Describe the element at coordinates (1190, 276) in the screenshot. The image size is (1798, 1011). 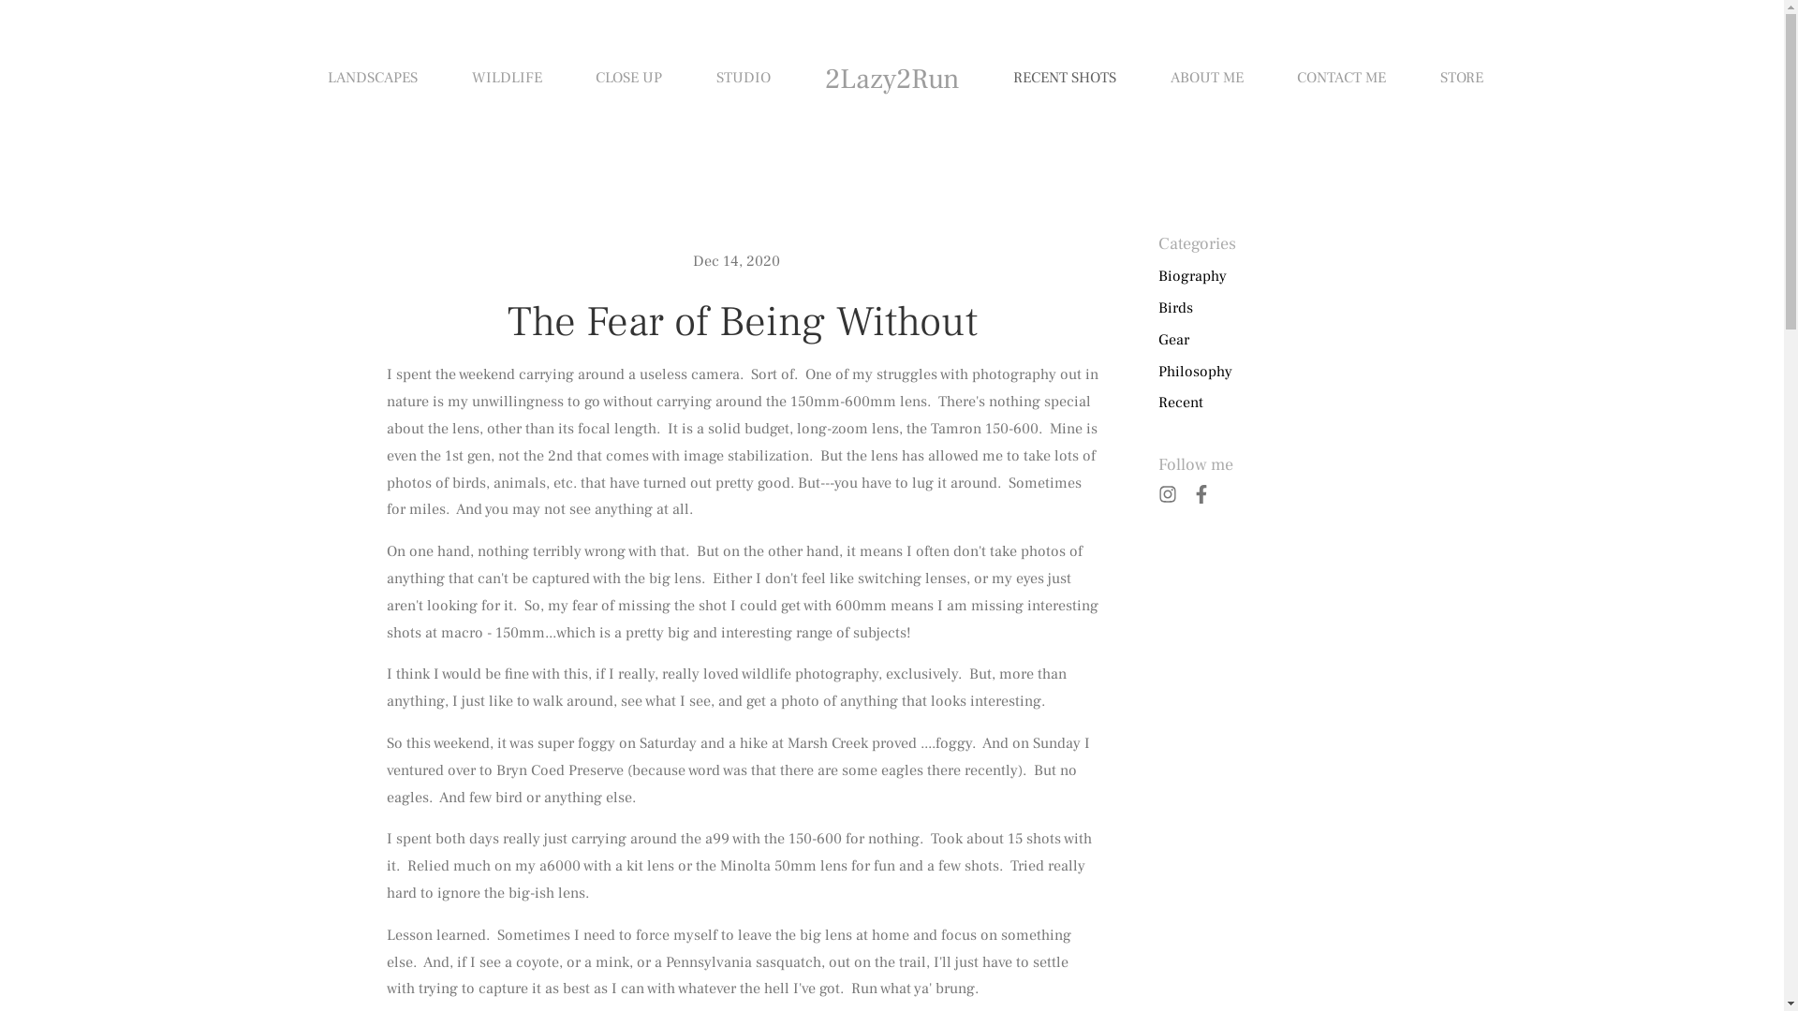
I see `'Biography'` at that location.